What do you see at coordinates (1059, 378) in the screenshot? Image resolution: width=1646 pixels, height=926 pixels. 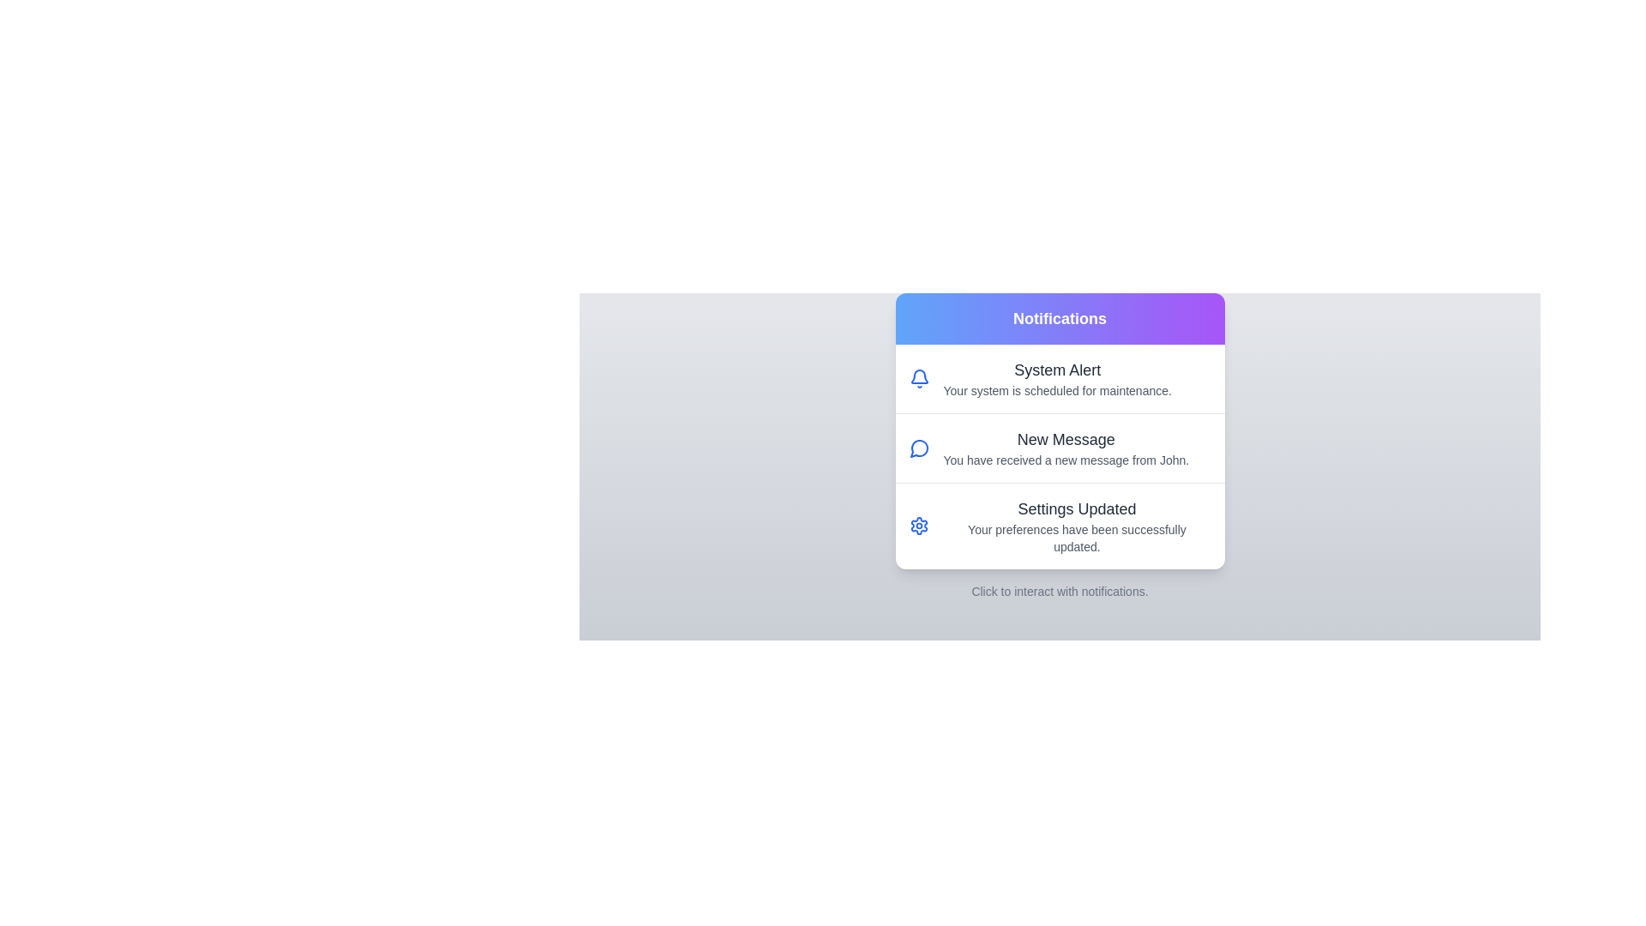 I see `the notification item System Alert to highlight it` at bounding box center [1059, 378].